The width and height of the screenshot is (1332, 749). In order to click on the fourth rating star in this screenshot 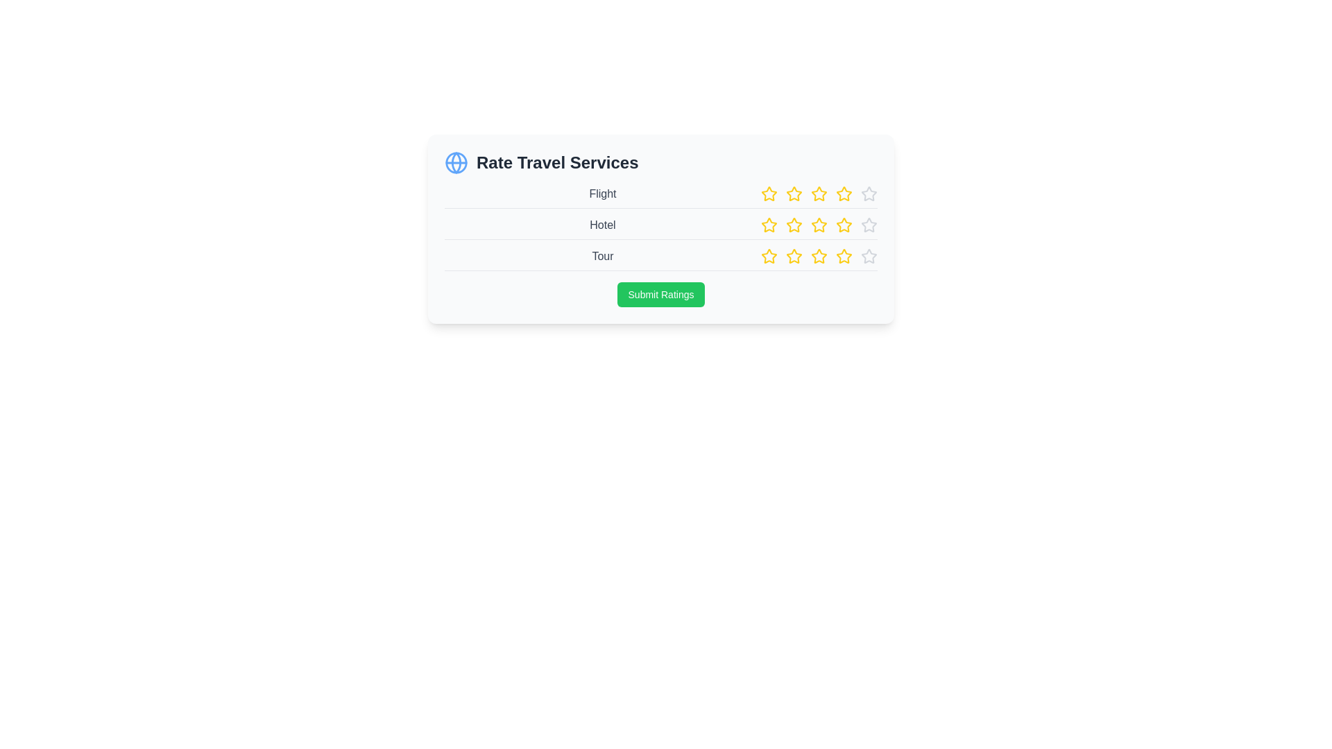, I will do `click(842, 224)`.